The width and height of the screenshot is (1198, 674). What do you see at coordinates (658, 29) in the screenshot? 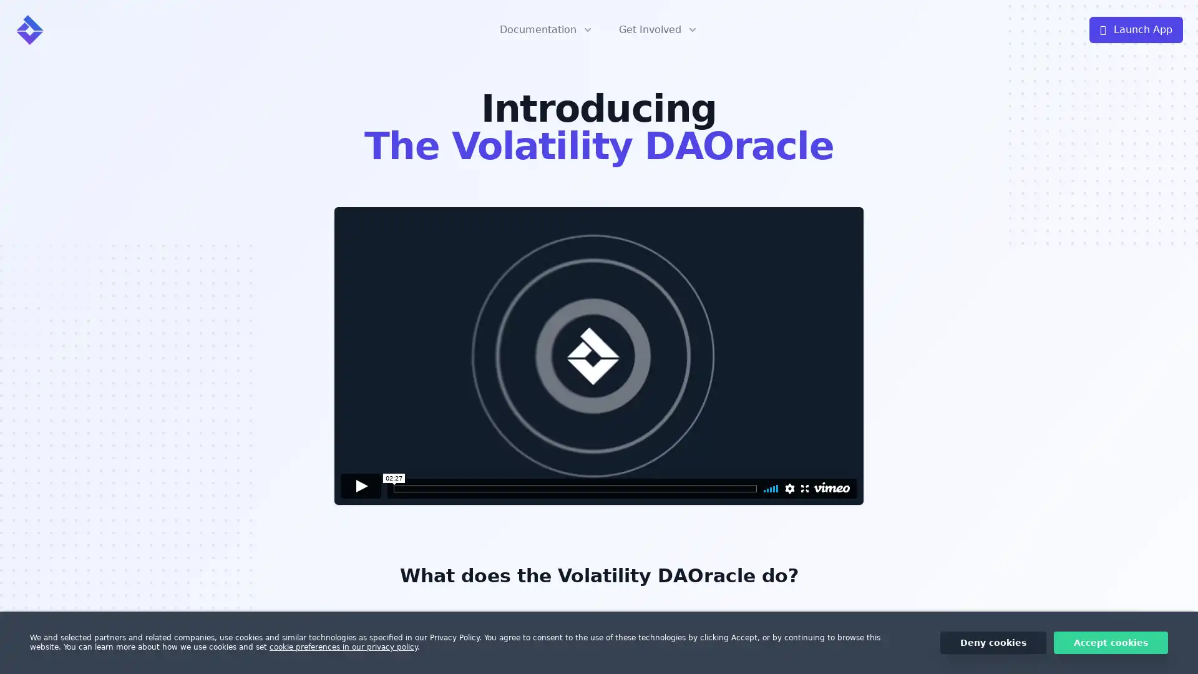
I see `Get Involved` at bounding box center [658, 29].